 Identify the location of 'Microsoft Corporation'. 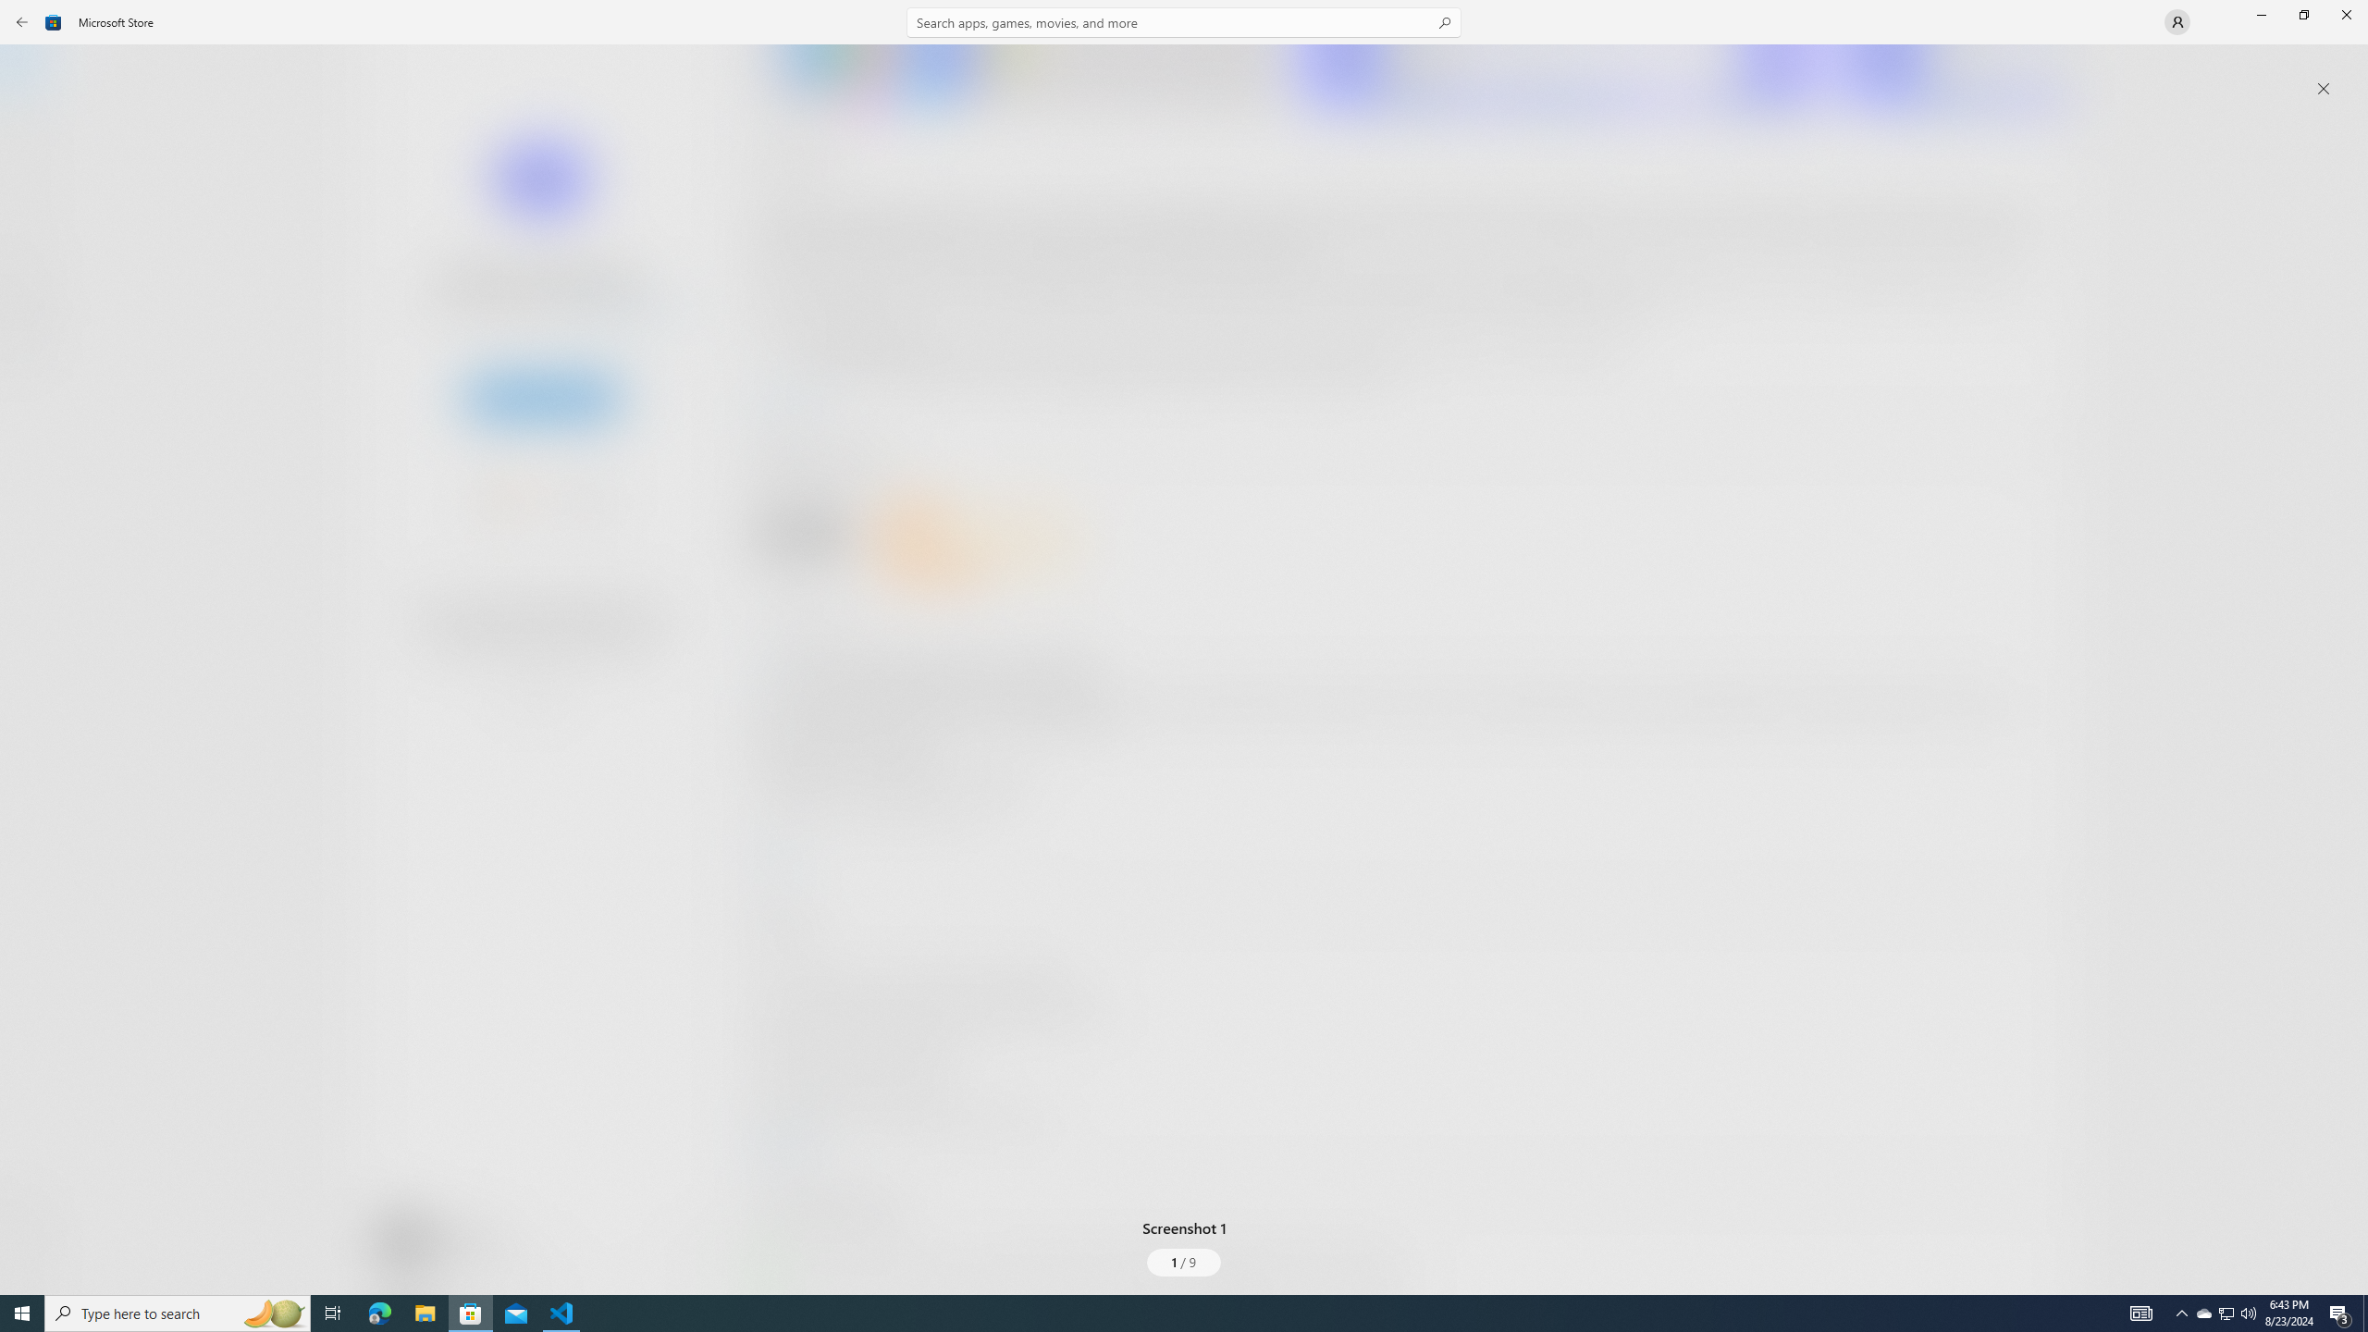
(623, 308).